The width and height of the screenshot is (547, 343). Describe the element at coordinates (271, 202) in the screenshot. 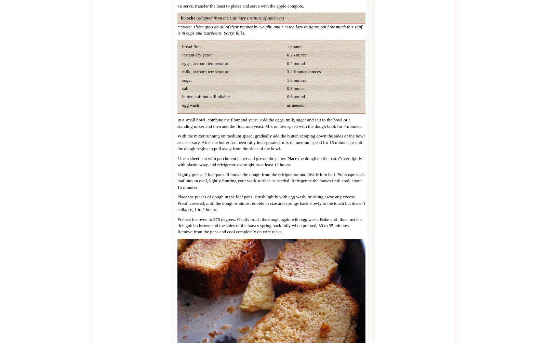

I see `'Place the pieces of dough in the loaf pans.  Brush lightly with egg wash, brushing away any excess.  Proof, covered, until the dough is almost double in size and springs back slowly to the touch but doesn’t collapse, 1 to 2 hours.'` at that location.